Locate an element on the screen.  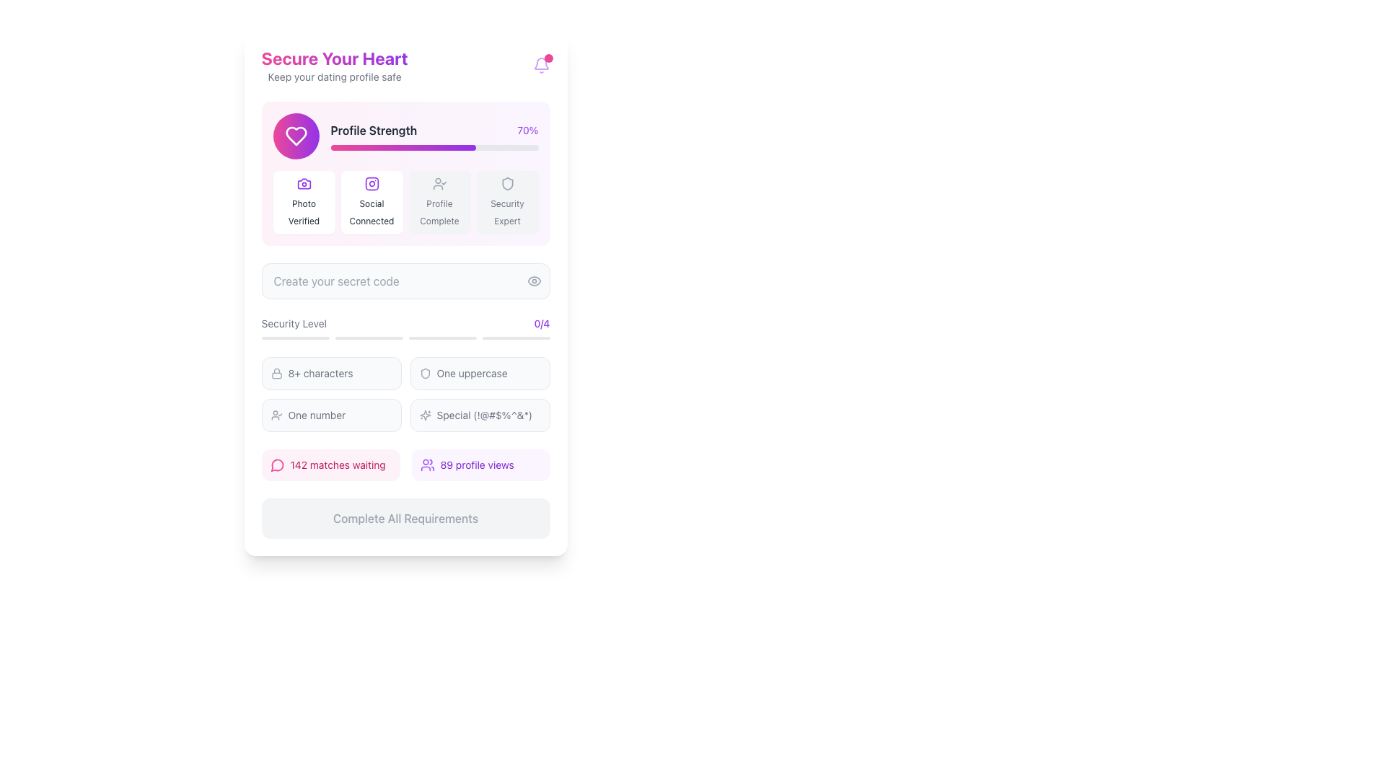
the pink circular speech bubble icon located to the left of the '142 matches waiting' text in the lower portion of the interface is located at coordinates (277, 465).